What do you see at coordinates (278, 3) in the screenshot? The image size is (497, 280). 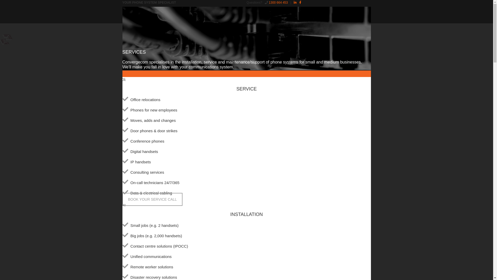 I see `'1300 664 453'` at bounding box center [278, 3].